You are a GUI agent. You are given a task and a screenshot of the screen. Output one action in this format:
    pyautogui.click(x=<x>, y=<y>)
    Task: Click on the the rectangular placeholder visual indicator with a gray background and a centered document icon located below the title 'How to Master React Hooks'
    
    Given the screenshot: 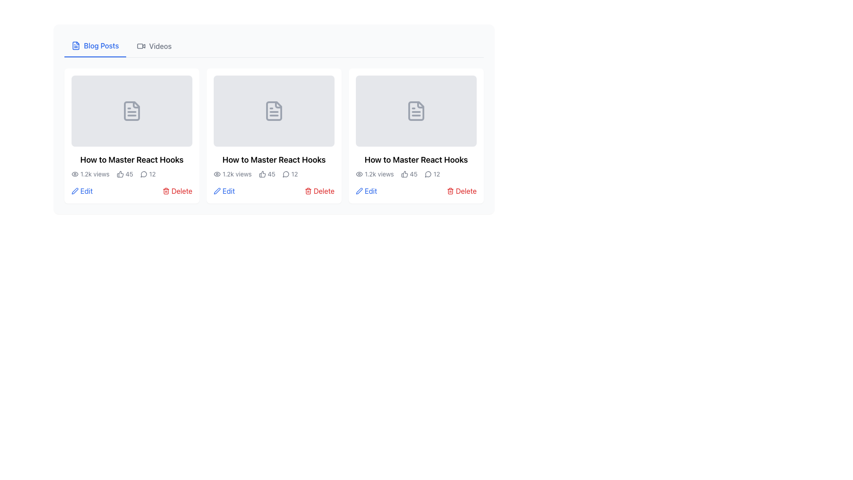 What is the action you would take?
    pyautogui.click(x=274, y=111)
    